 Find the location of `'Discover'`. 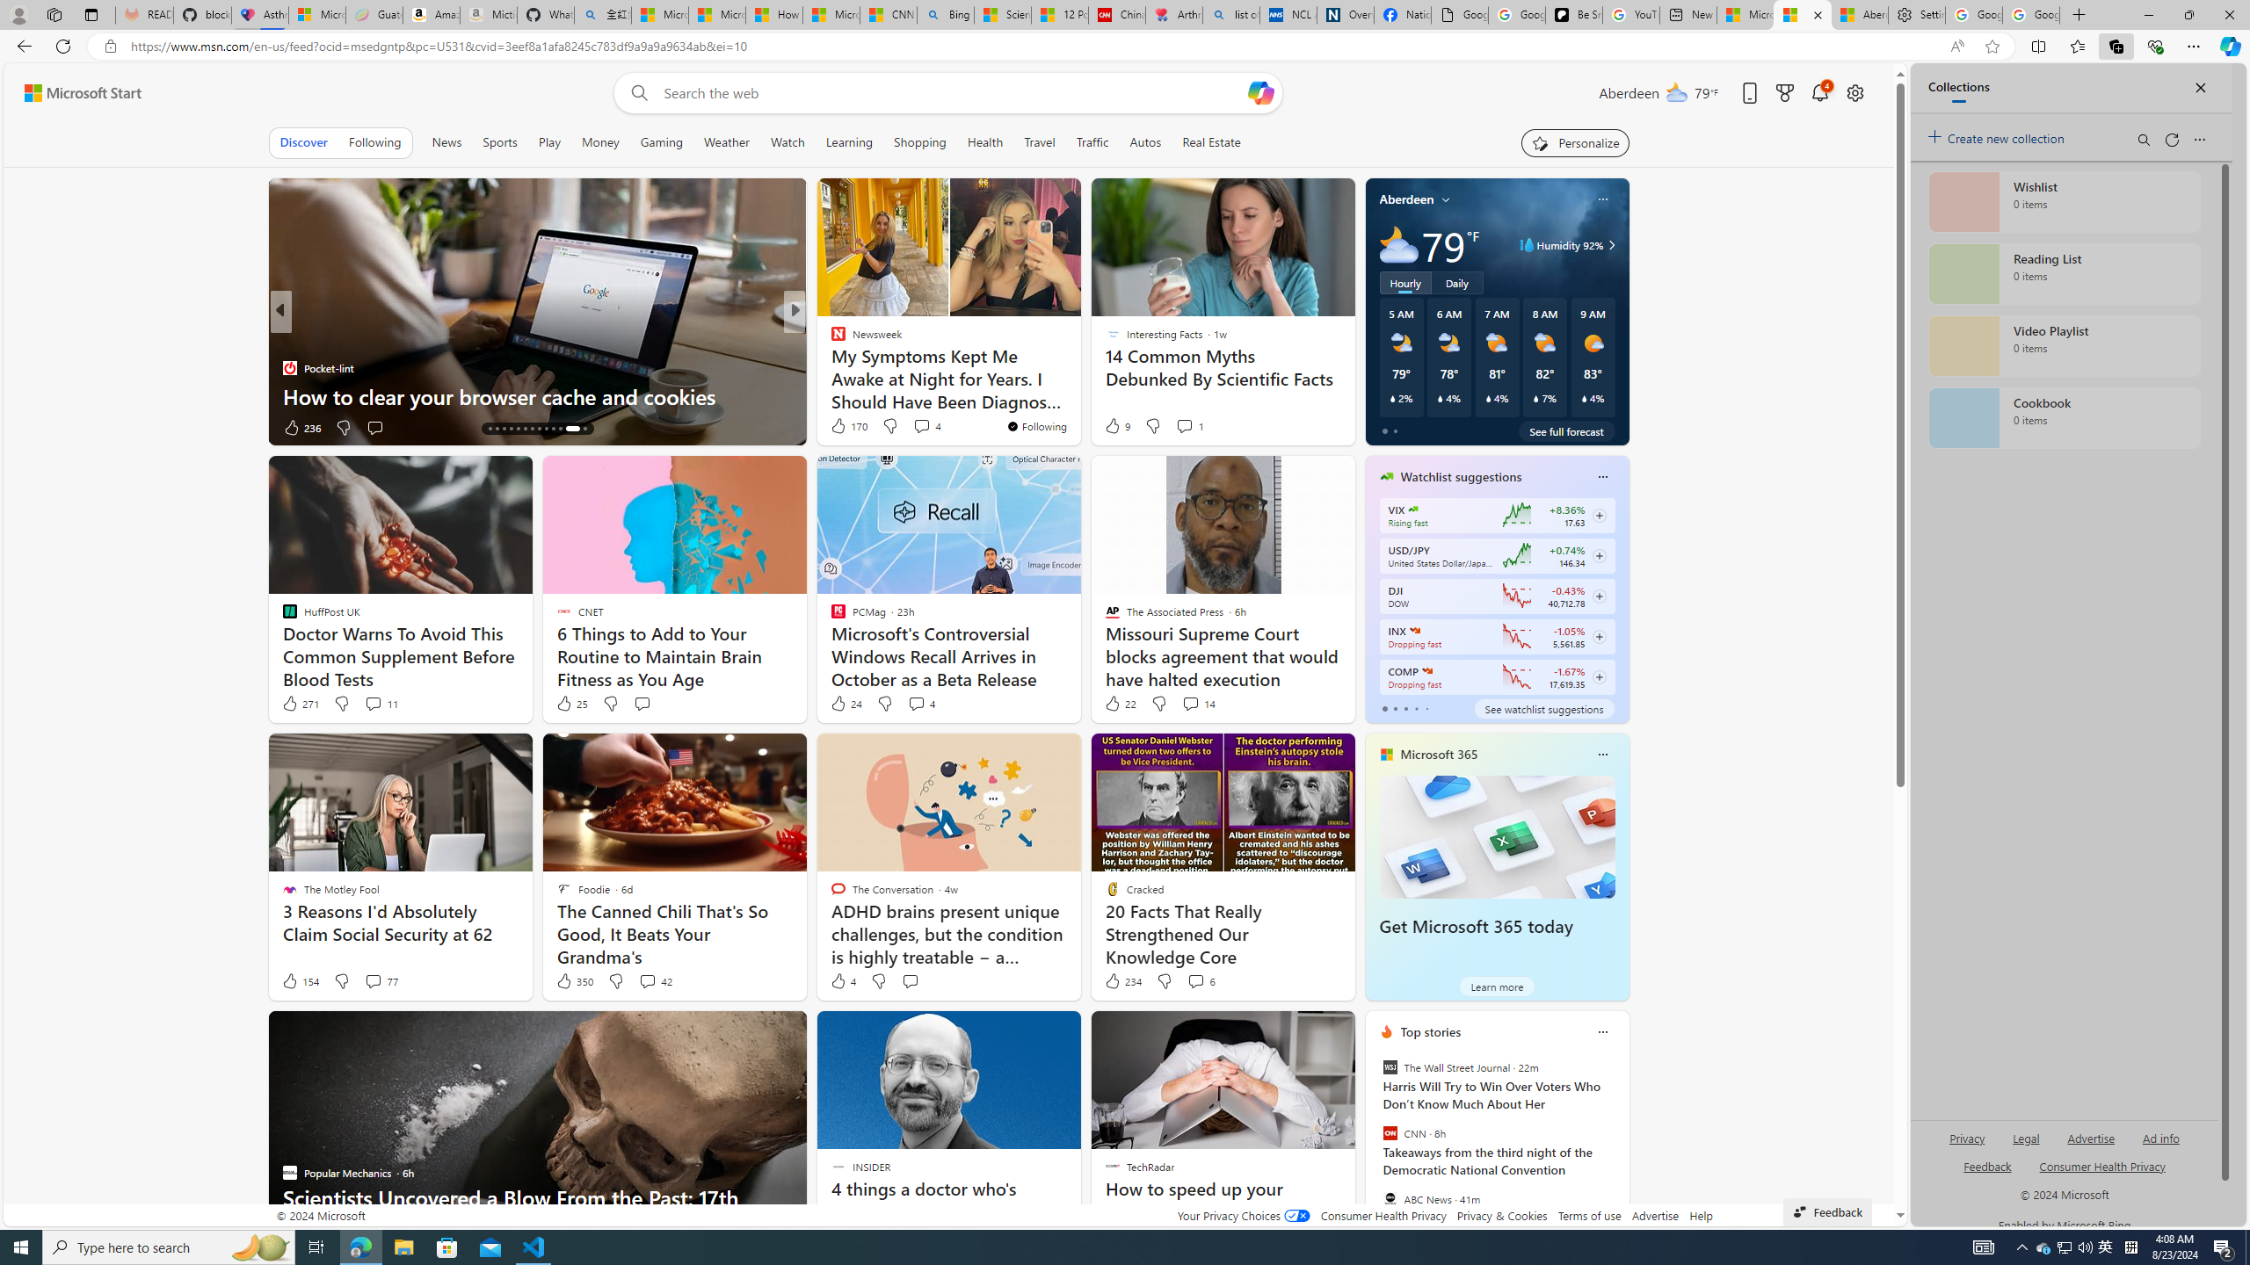

'Discover' is located at coordinates (301, 141).